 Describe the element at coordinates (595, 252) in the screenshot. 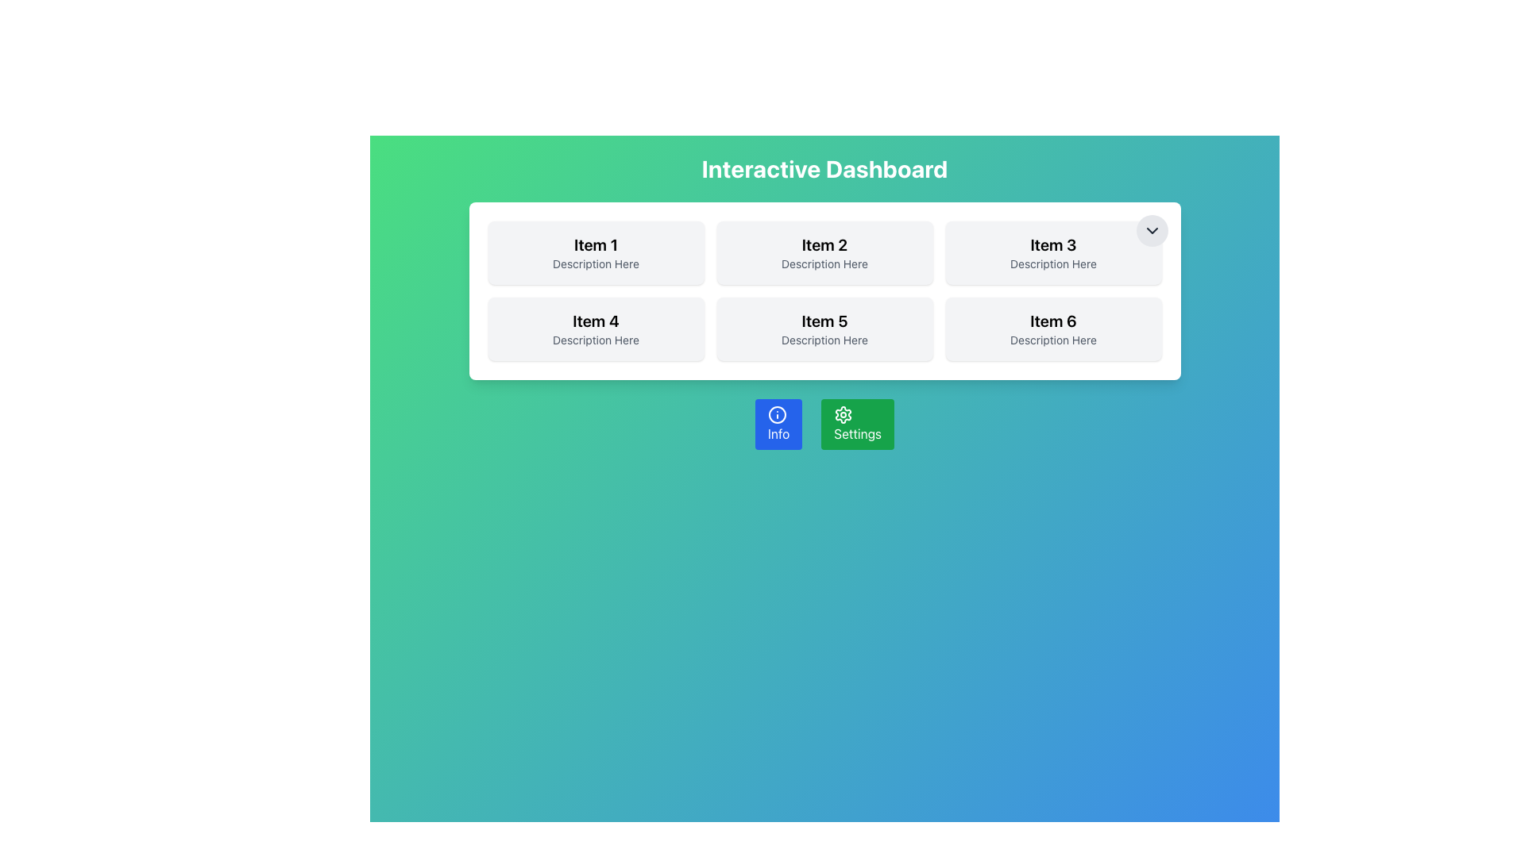

I see `the informational card located in the upper left of the grid layout, which is the first element in the grid under the title 'Interactive Dashboard'` at that location.